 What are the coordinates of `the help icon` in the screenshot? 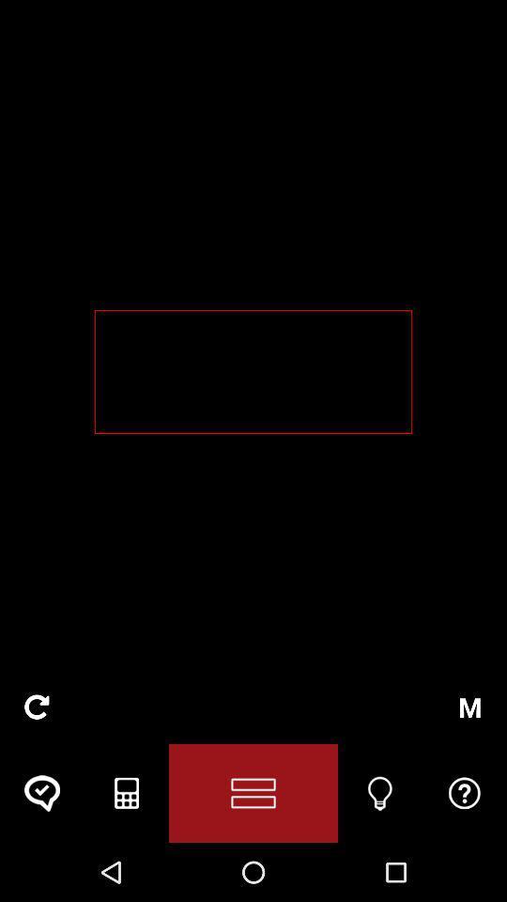 It's located at (472, 851).